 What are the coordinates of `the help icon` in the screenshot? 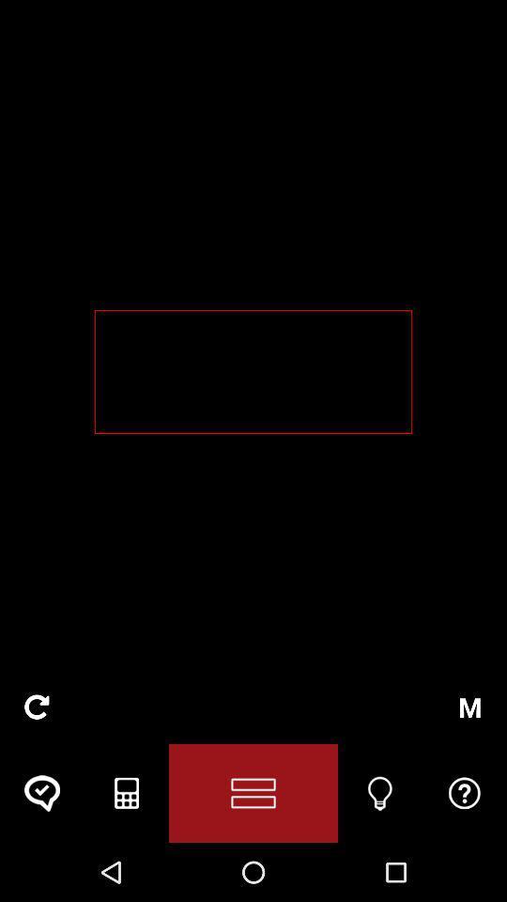 It's located at (472, 851).